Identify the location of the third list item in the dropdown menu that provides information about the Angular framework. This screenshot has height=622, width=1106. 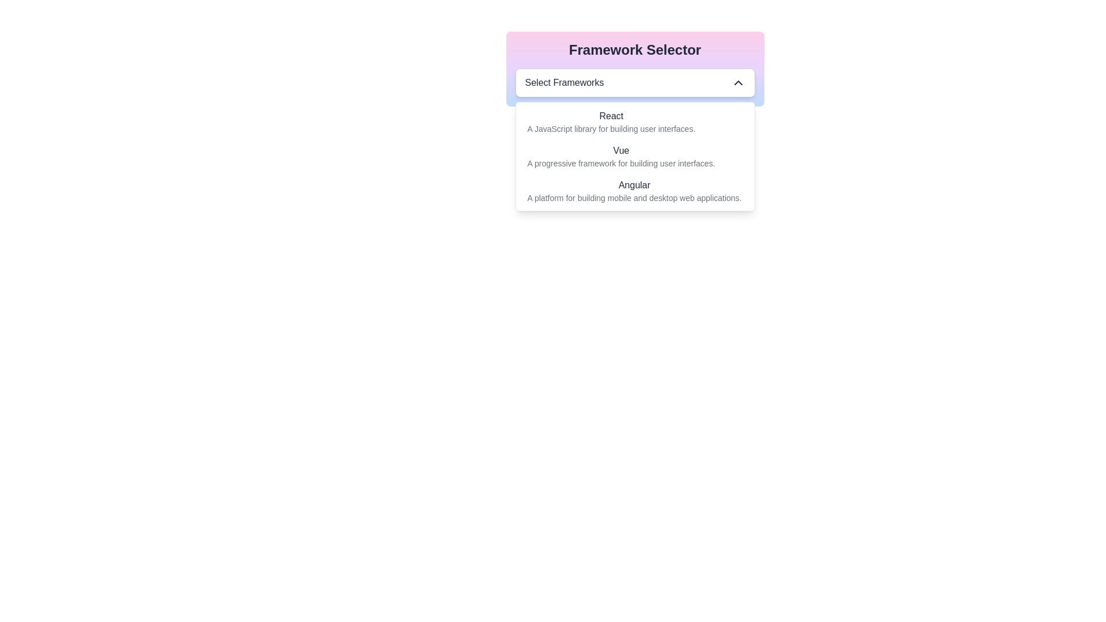
(634, 190).